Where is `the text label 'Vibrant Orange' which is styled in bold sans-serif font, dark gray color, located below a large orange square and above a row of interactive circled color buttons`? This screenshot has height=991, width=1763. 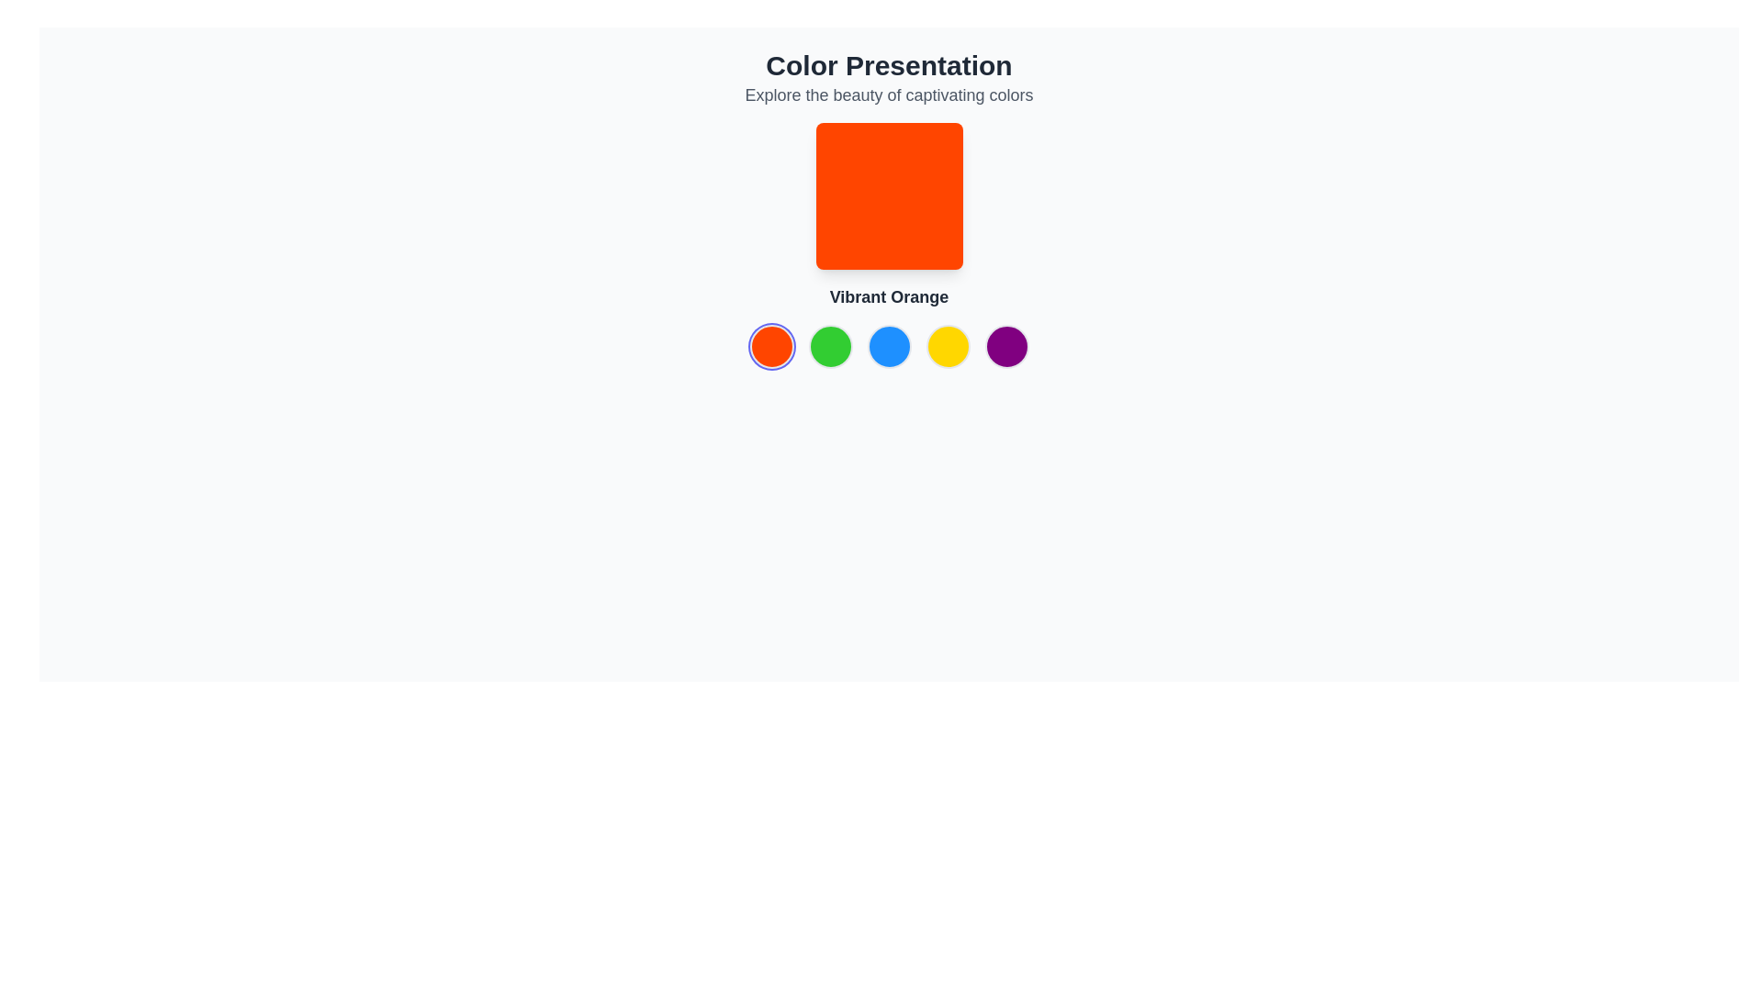 the text label 'Vibrant Orange' which is styled in bold sans-serif font, dark gray color, located below a large orange square and above a row of interactive circled color buttons is located at coordinates (889, 296).